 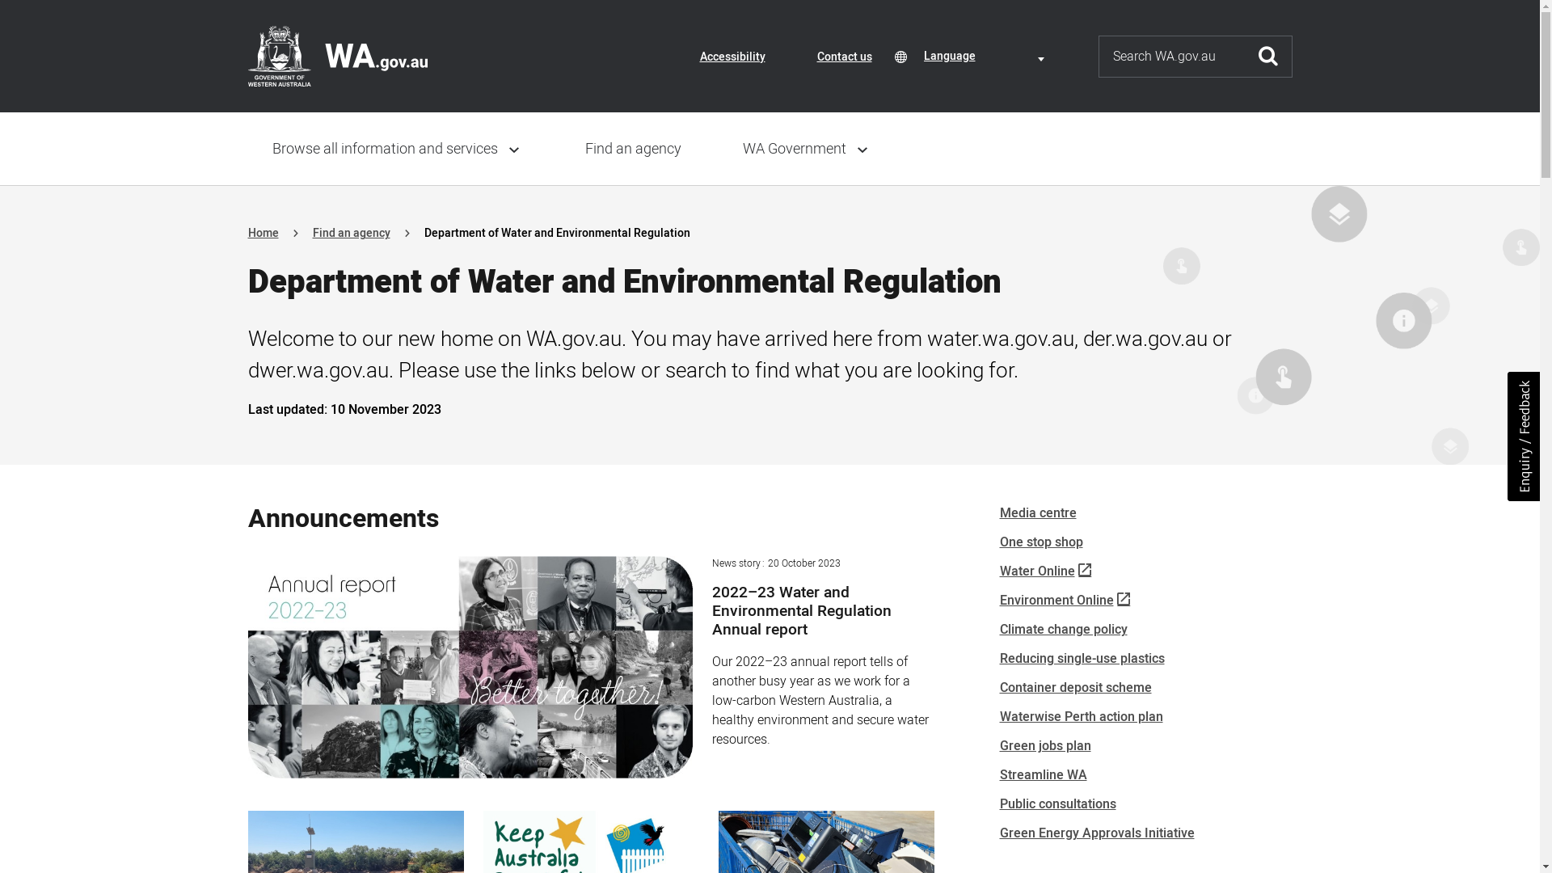 What do you see at coordinates (998, 570) in the screenshot?
I see `'Water Online'` at bounding box center [998, 570].